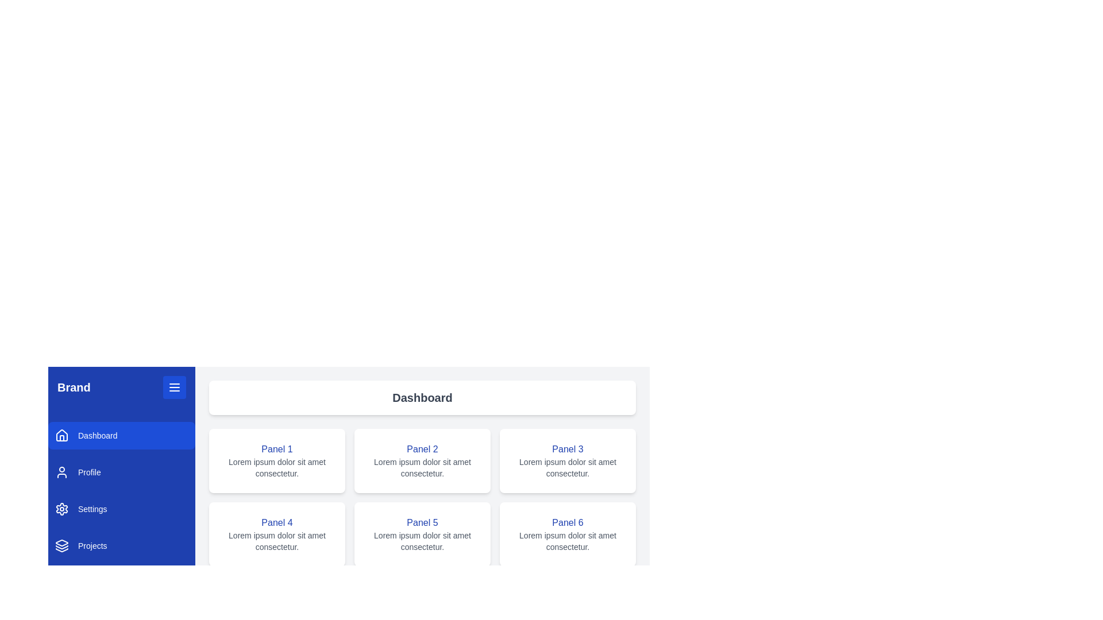  I want to click on information presented in the fourth panel of the 2-row grid layout, so click(277, 534).